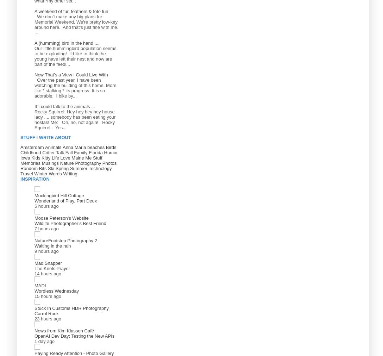  What do you see at coordinates (50, 162) in the screenshot?
I see `'Musings'` at bounding box center [50, 162].